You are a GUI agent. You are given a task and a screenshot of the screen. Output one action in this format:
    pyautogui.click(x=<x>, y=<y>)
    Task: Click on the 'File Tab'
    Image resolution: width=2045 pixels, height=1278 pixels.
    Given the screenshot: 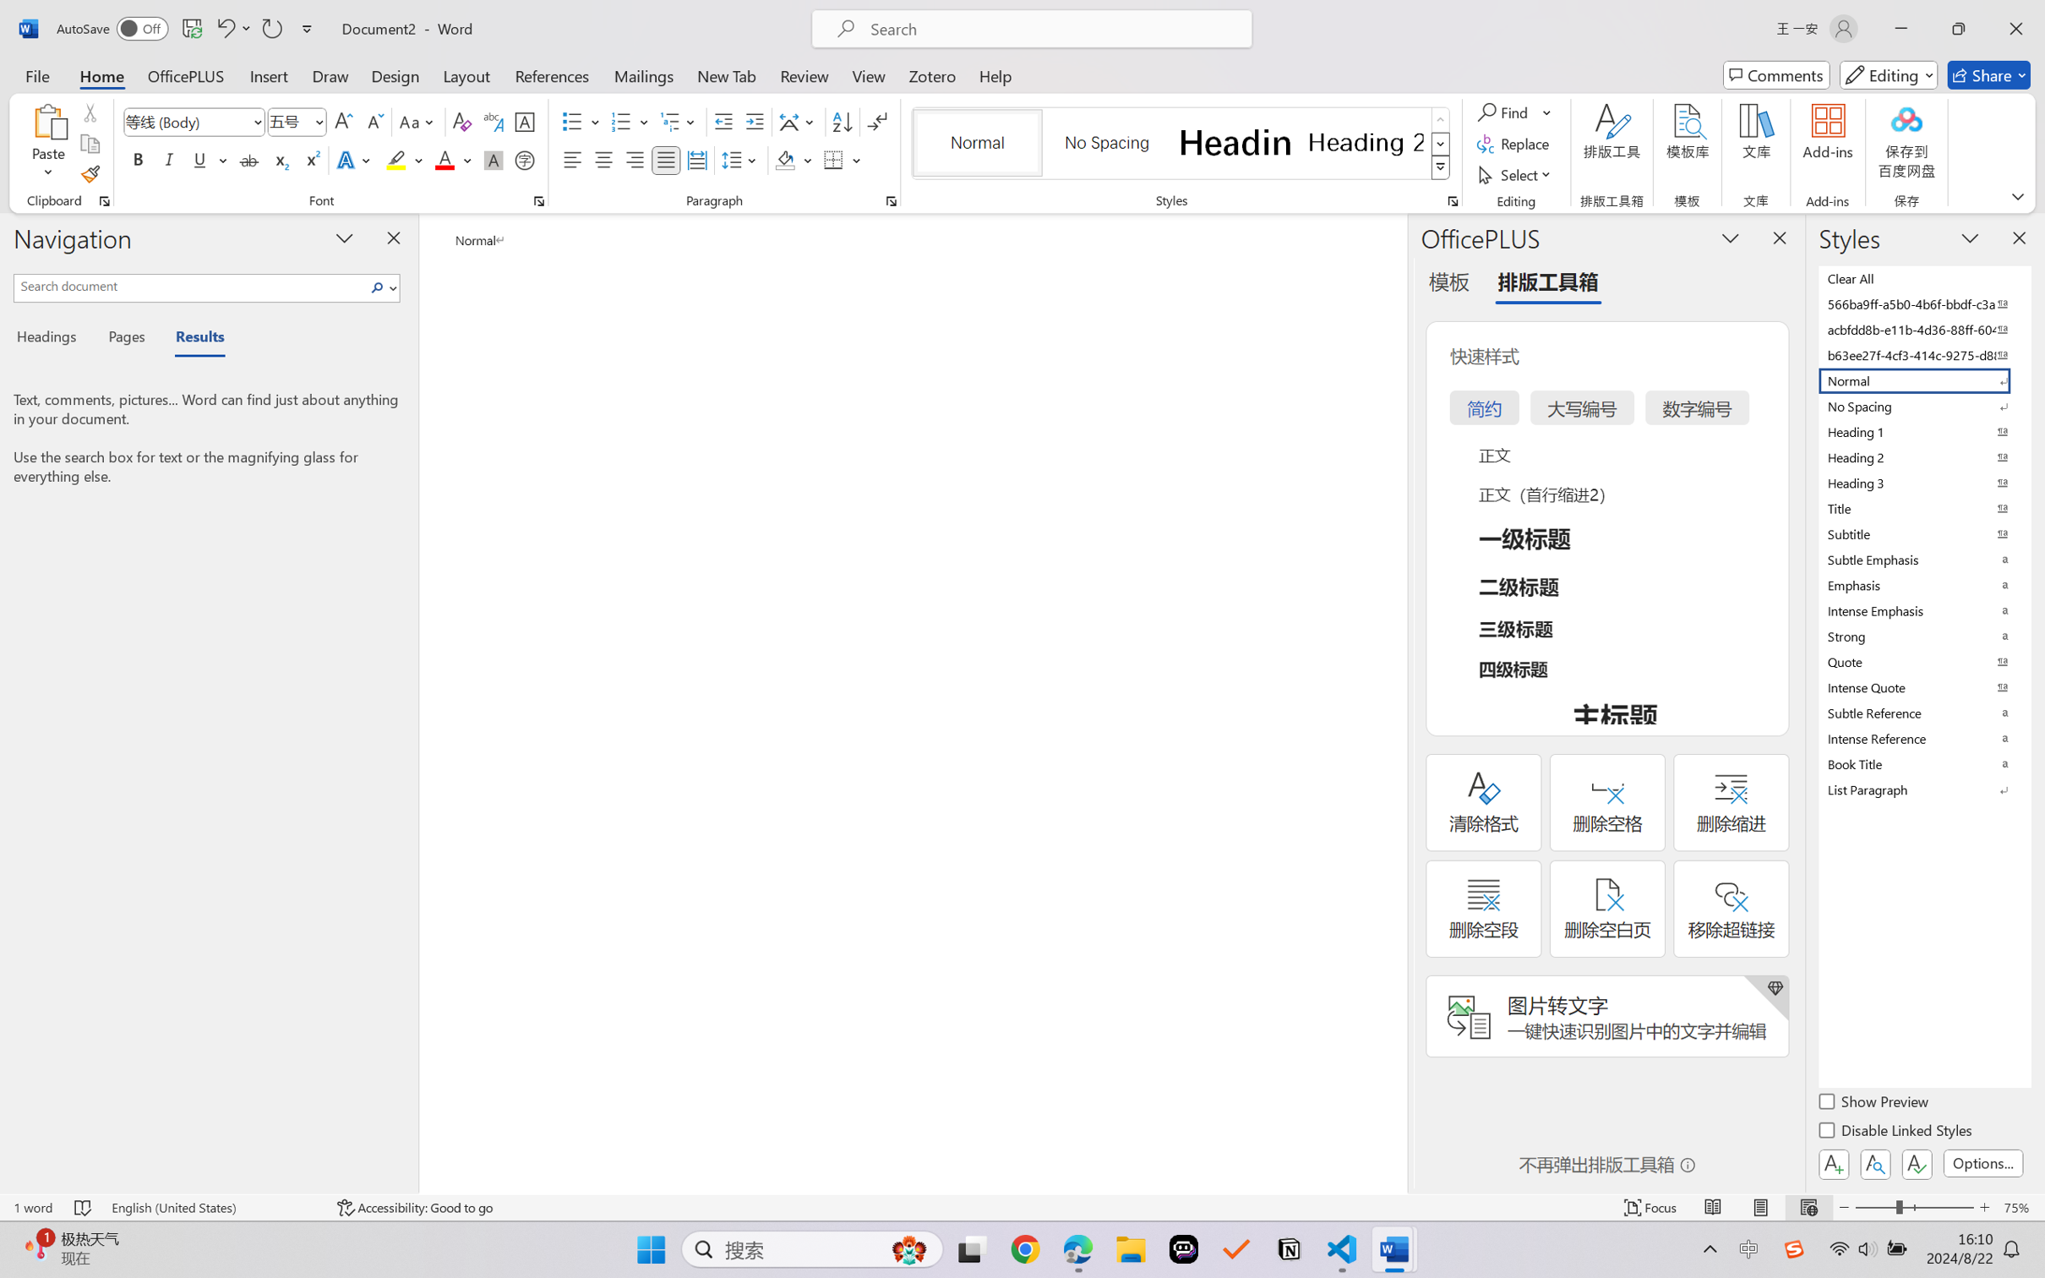 What is the action you would take?
    pyautogui.click(x=36, y=74)
    